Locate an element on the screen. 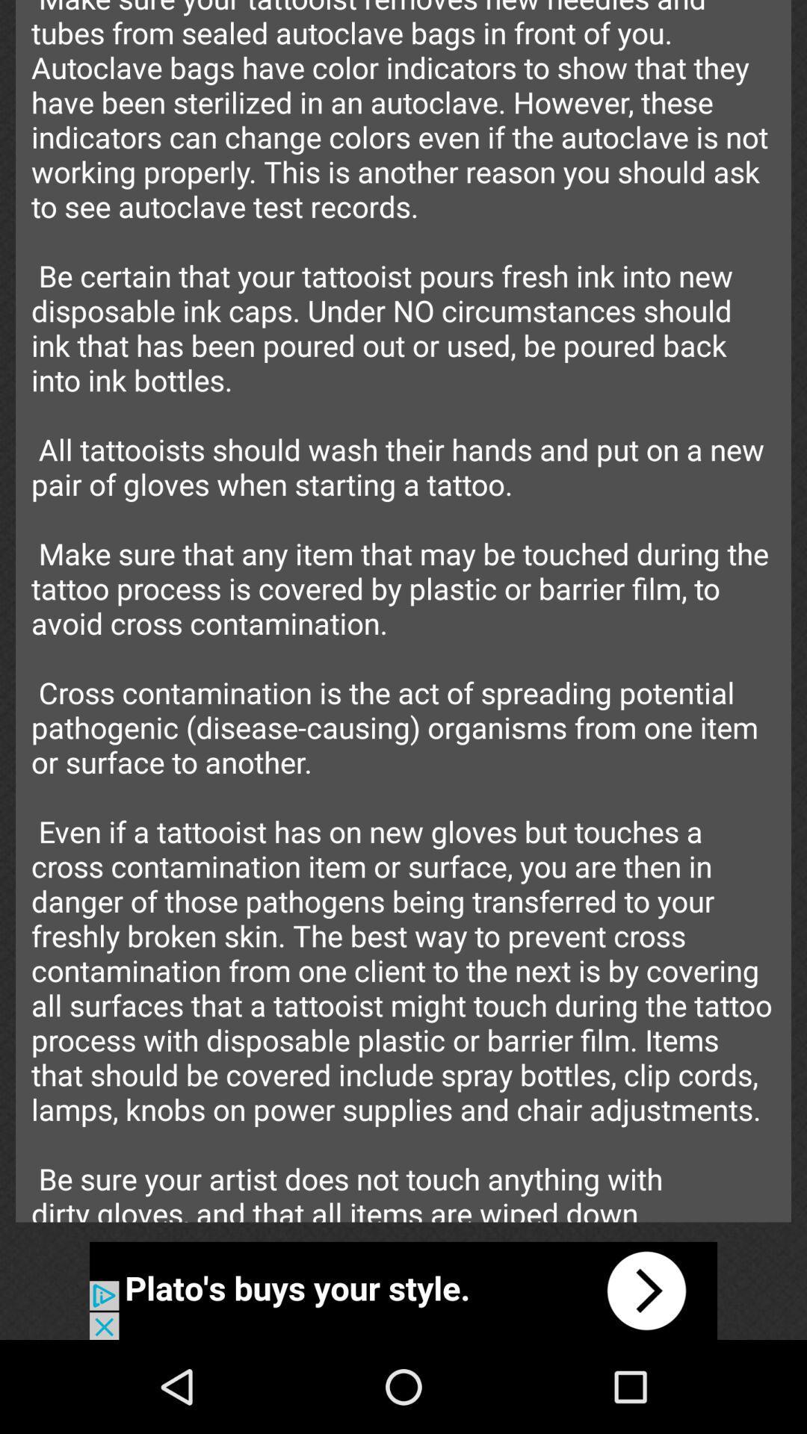  open advertisement is located at coordinates (403, 1290).